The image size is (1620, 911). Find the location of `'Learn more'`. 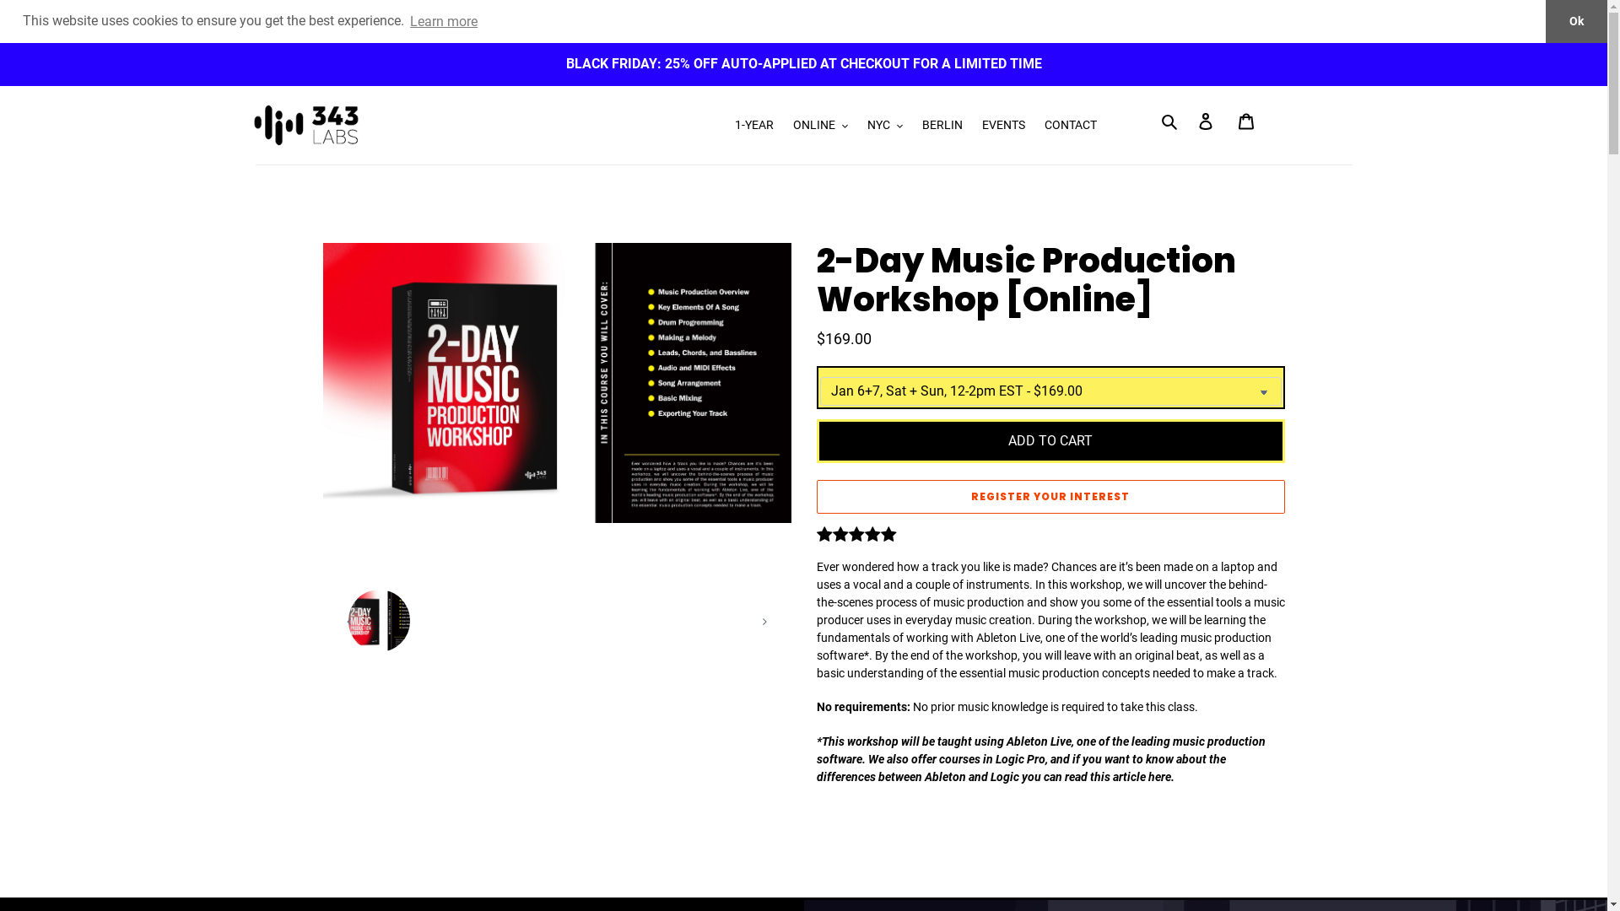

'Learn more' is located at coordinates (444, 20).